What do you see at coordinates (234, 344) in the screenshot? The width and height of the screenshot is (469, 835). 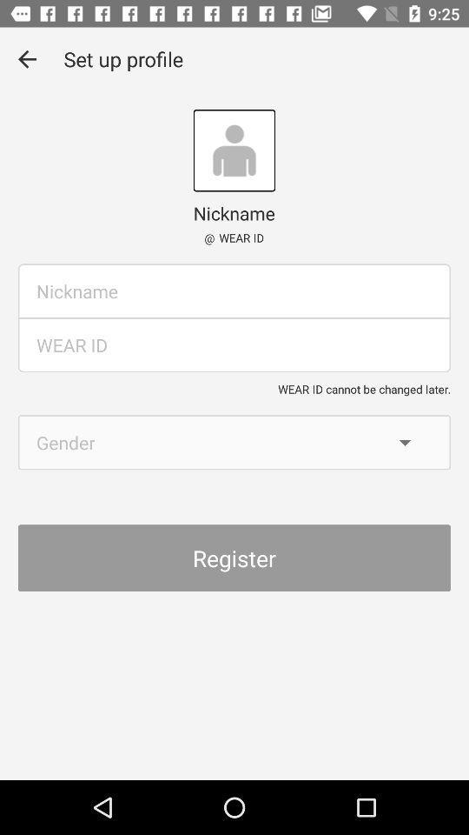 I see `password` at bounding box center [234, 344].